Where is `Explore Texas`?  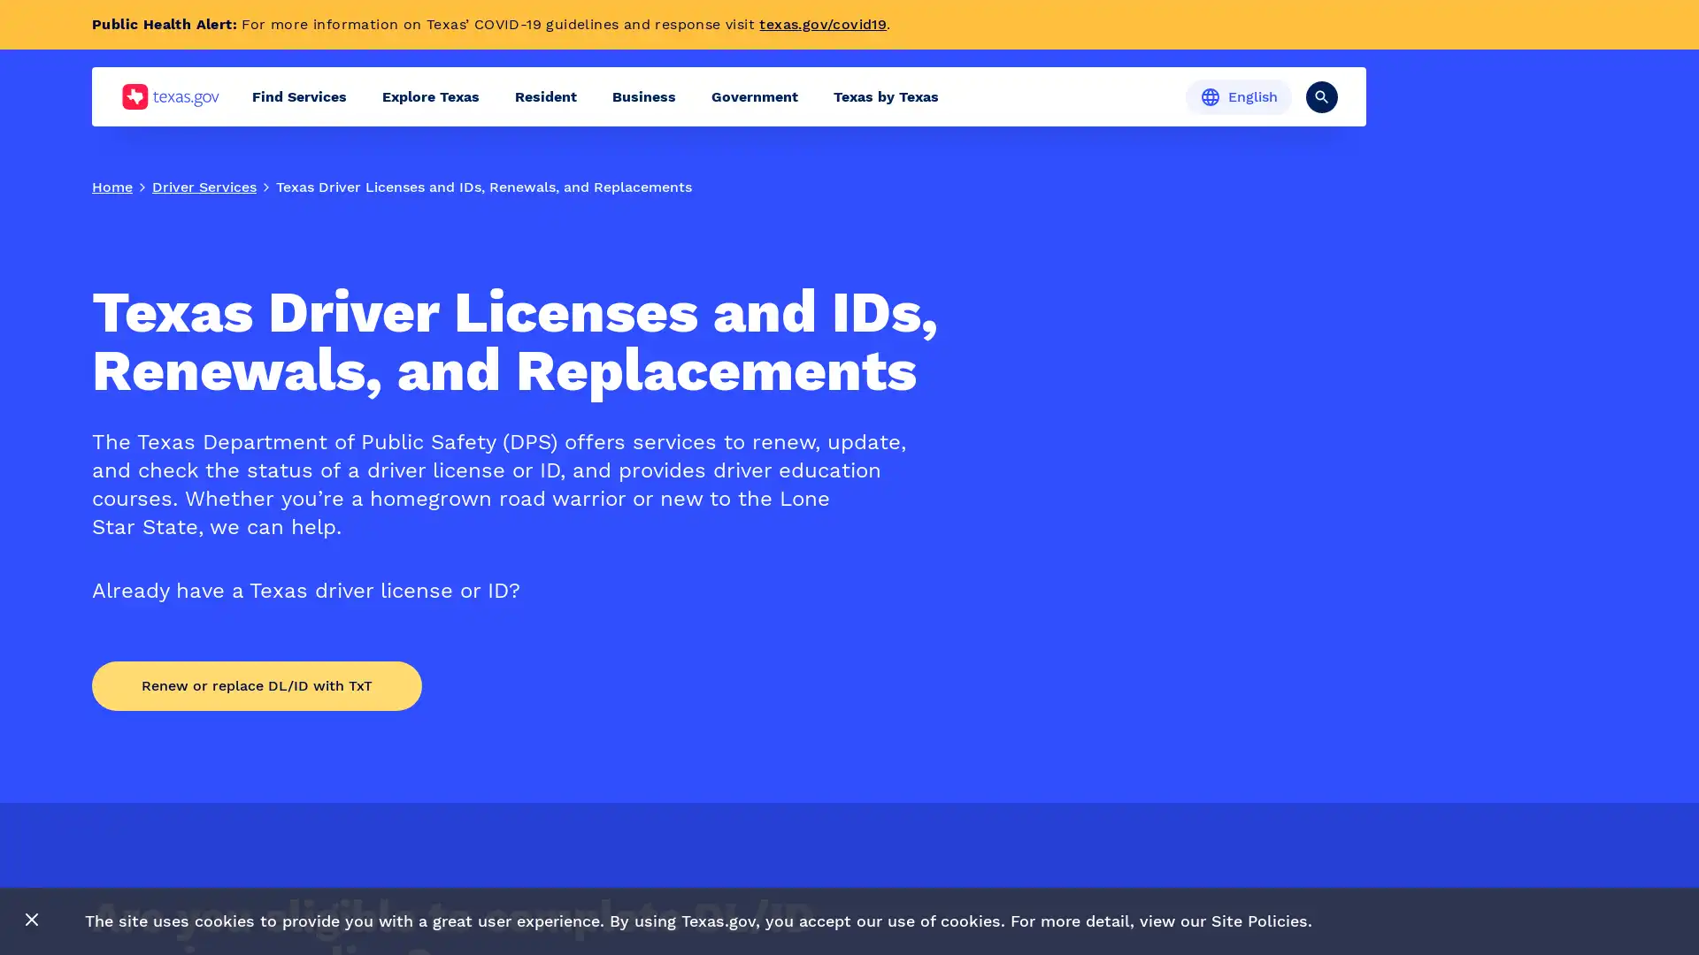
Explore Texas is located at coordinates (430, 96).